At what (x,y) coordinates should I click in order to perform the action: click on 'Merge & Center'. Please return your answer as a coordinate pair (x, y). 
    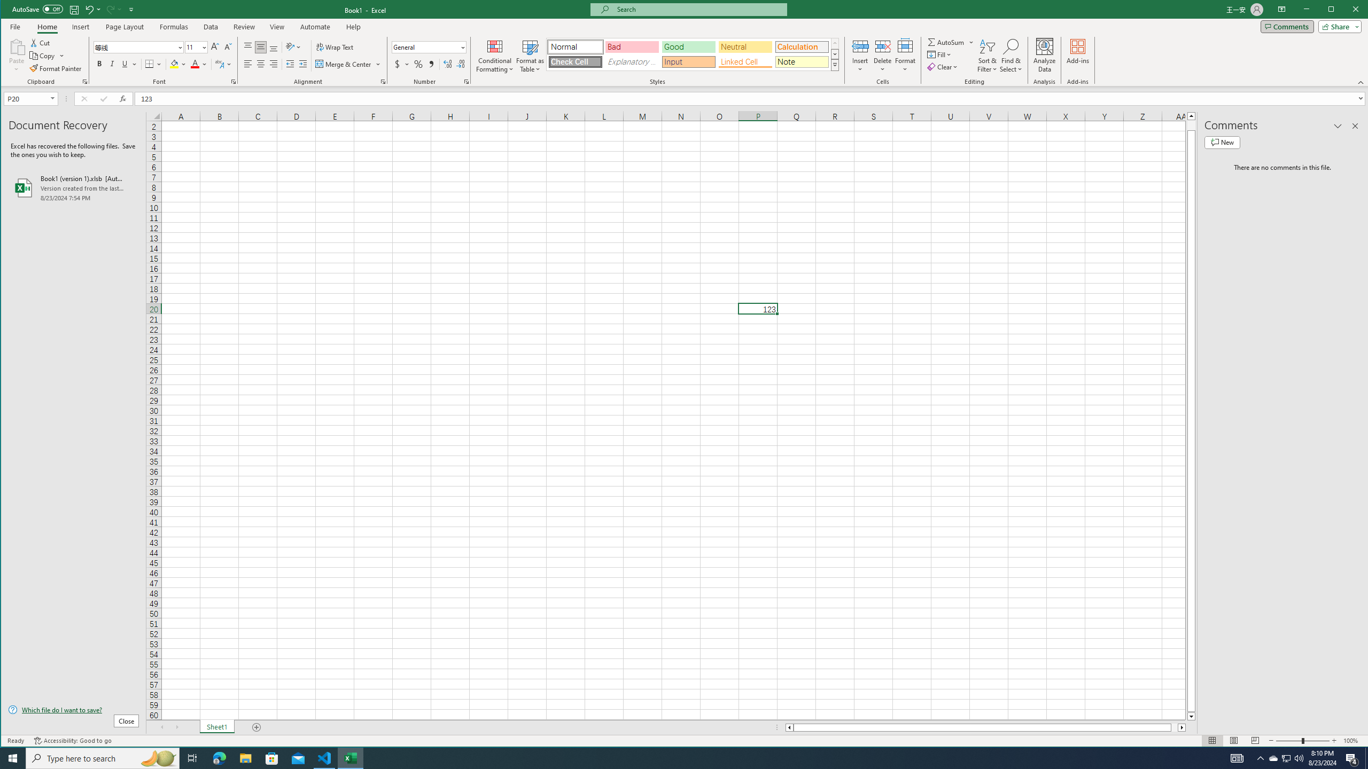
    Looking at the image, I should click on (344, 64).